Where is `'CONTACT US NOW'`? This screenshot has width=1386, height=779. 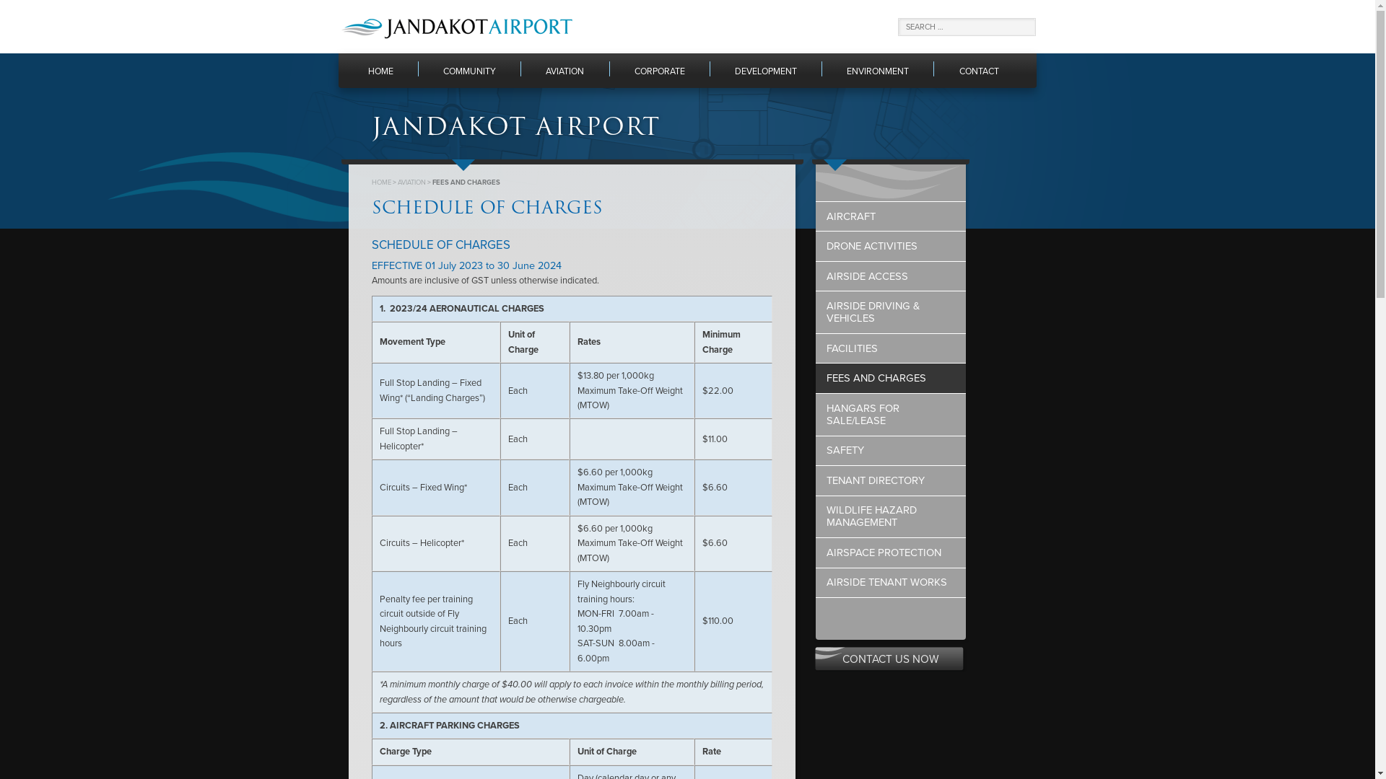 'CONTACT US NOW' is located at coordinates (889, 659).